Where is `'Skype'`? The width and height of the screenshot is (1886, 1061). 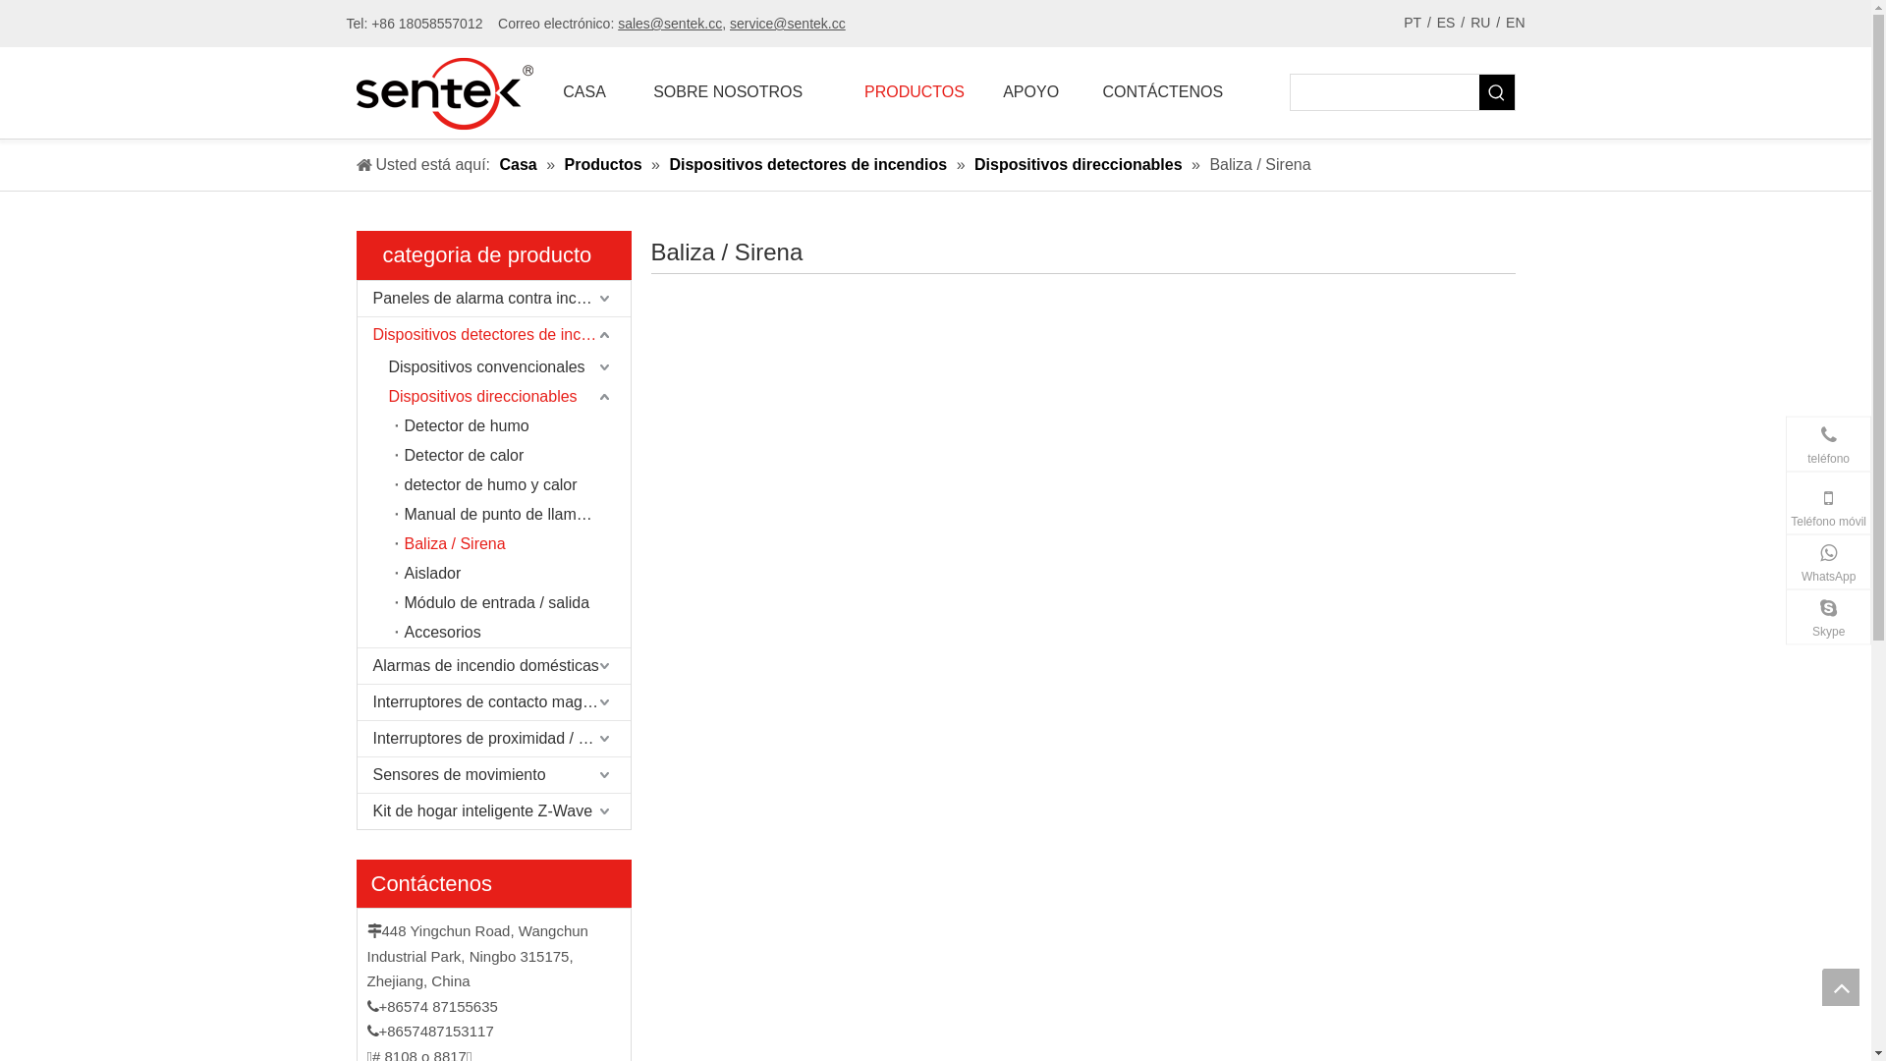 'Skype' is located at coordinates (1827, 616).